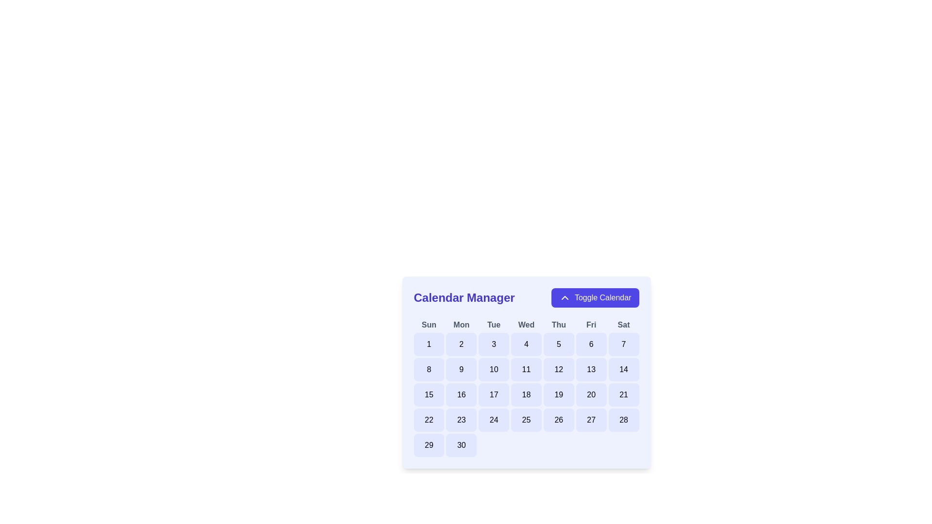 Image resolution: width=932 pixels, height=524 pixels. I want to click on the rounded rectangular button with a light indigo background and the number '2' printed in black at its center, so click(461, 344).